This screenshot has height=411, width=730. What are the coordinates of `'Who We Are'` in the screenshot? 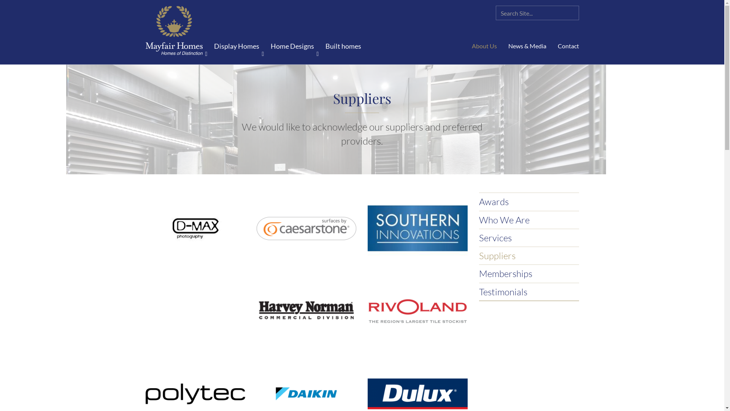 It's located at (478, 220).